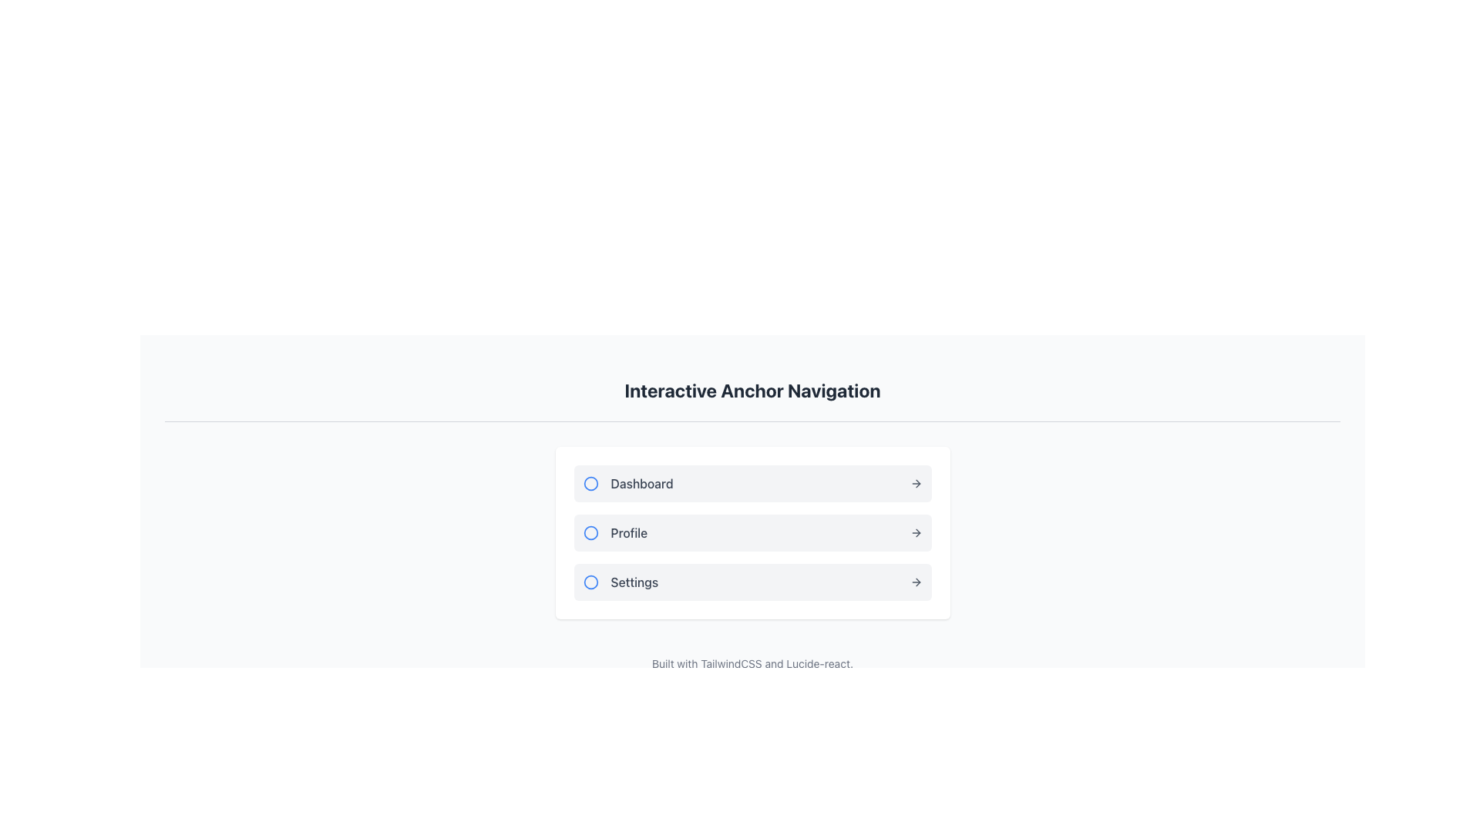 Image resolution: width=1480 pixels, height=832 pixels. I want to click on the circular radio button indicator with a blue border located to the left of the 'Profile' label in the vertical list for accessibility purposes, so click(590, 532).